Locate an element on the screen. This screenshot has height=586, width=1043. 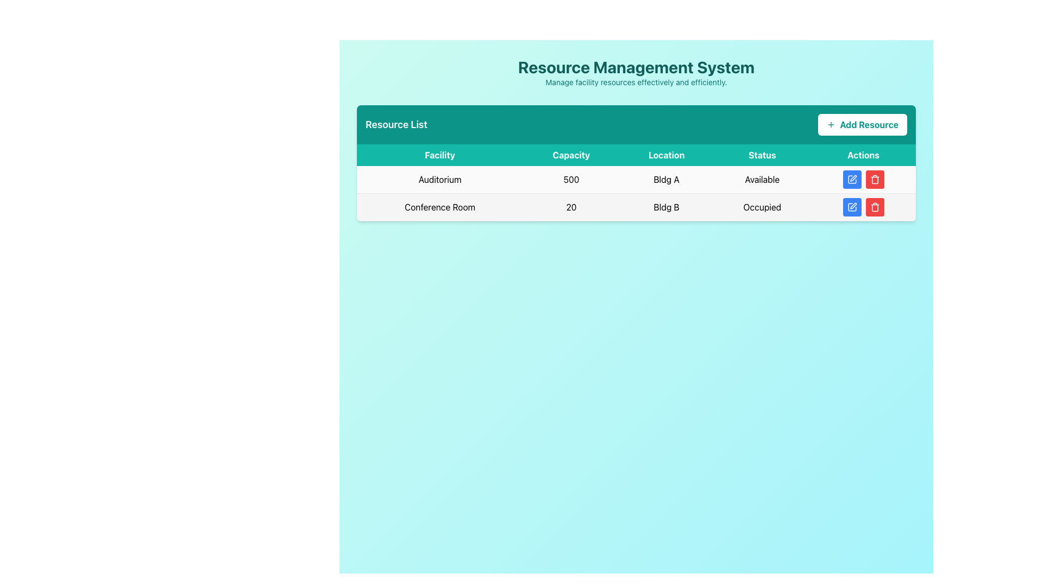
the delete button with a red background and trash icon located is located at coordinates (875, 179).